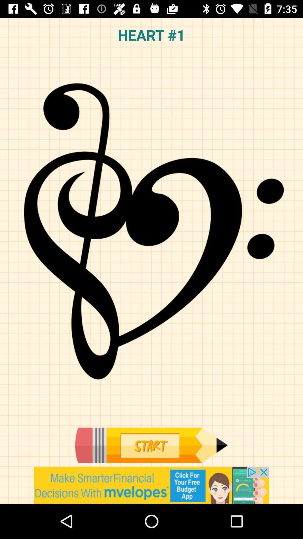 Image resolution: width=303 pixels, height=539 pixels. Describe the element at coordinates (151, 485) in the screenshot. I see `install app` at that location.